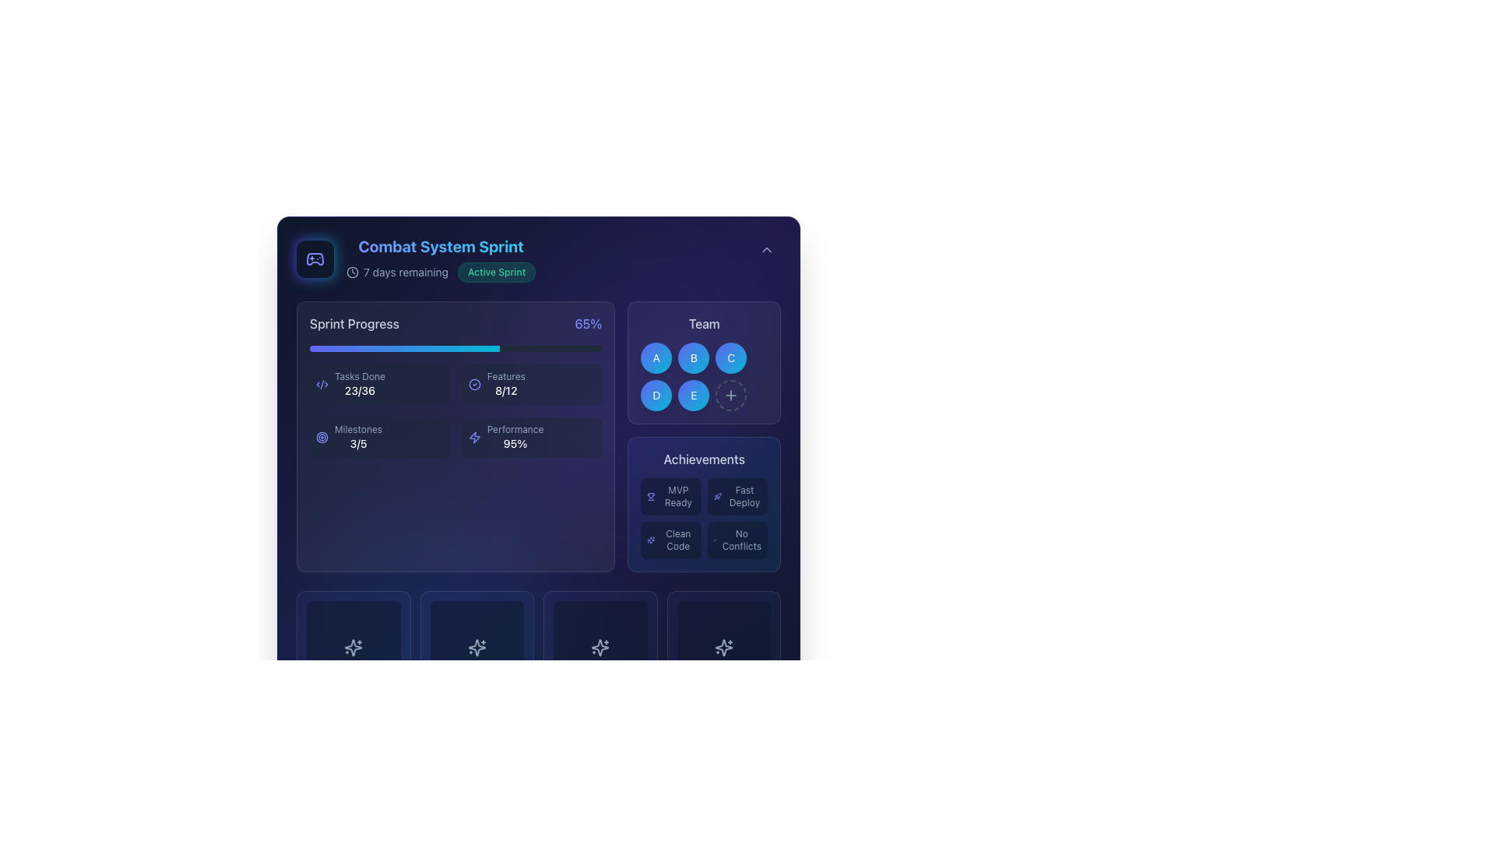  I want to click on the last Card element in the 2x2 grid layout positioned at the bottom-right corner, so click(723, 648).